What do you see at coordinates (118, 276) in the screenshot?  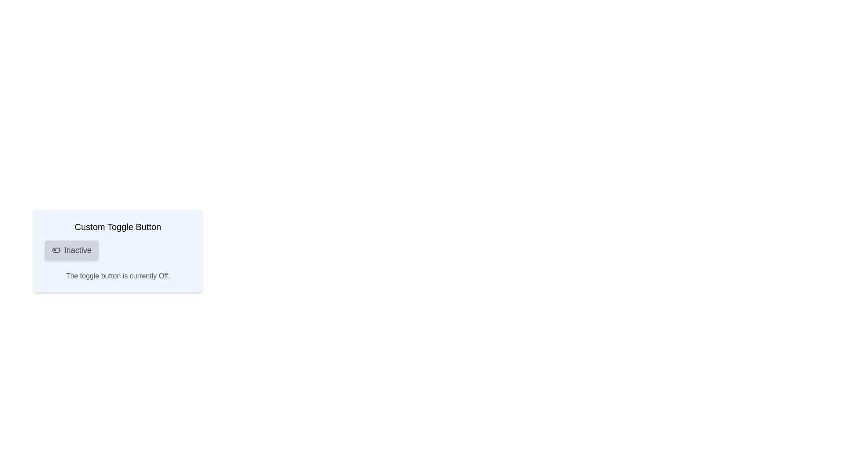 I see `the static text displaying 'The toggle button is currently Off.' located at the bottom of the card titled 'Custom Toggle Button'` at bounding box center [118, 276].